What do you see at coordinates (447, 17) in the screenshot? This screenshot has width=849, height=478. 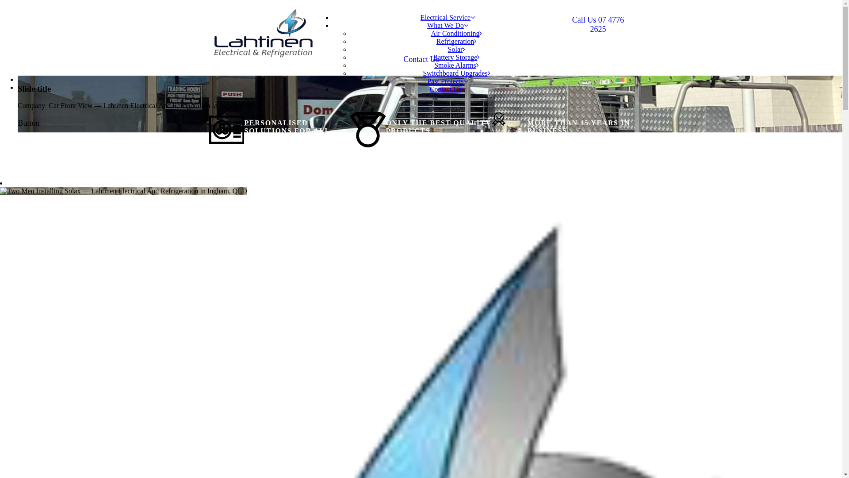 I see `'Electrical Service'` at bounding box center [447, 17].